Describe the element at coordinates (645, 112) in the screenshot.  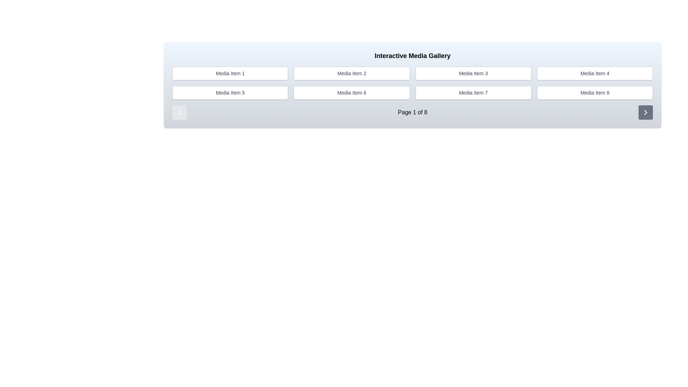
I see `the right-pointing chevron arrow icon located in the bottom-right corner of the interface within a dark gray circular button` at that location.